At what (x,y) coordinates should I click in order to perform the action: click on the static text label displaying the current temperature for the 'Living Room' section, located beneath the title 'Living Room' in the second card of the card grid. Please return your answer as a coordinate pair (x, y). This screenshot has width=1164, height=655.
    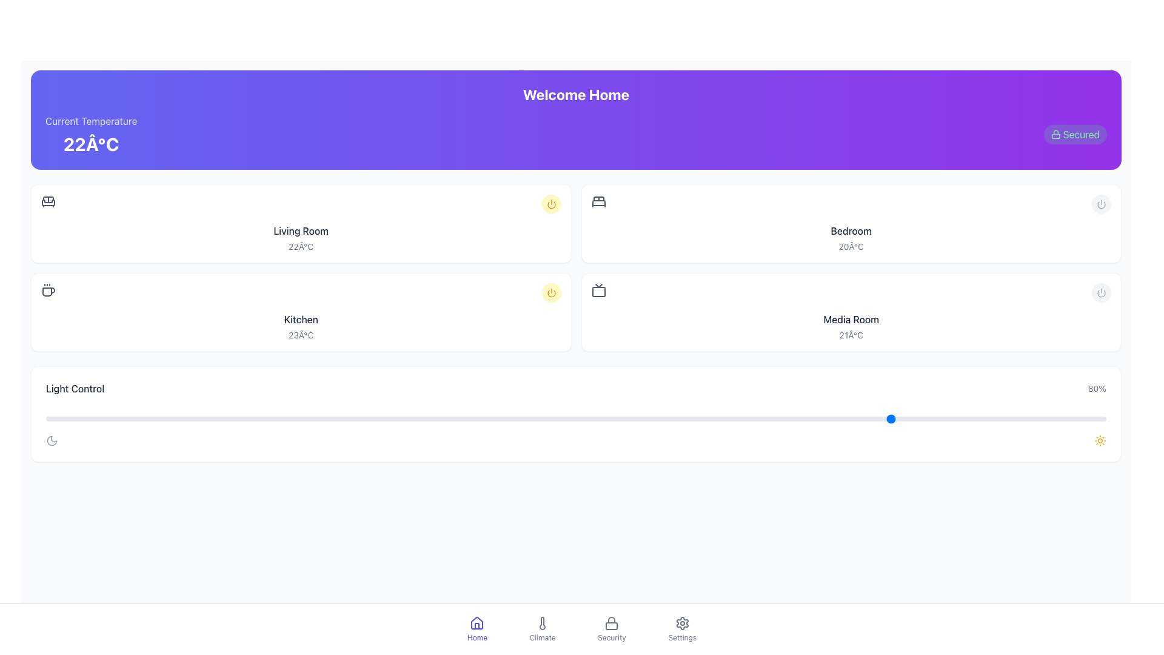
    Looking at the image, I should click on (301, 246).